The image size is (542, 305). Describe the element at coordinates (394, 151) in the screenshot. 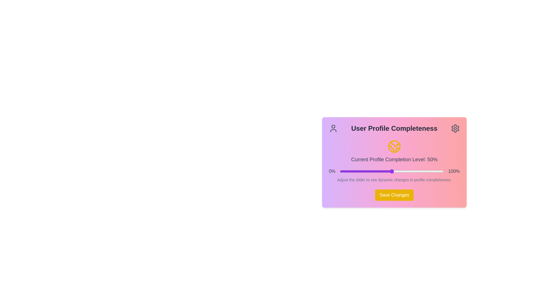

I see `the informational text displaying 'Current Profile Completion Level: 50%' with a globe icon in yellow, located within the 'User Profile Completeness' card` at that location.